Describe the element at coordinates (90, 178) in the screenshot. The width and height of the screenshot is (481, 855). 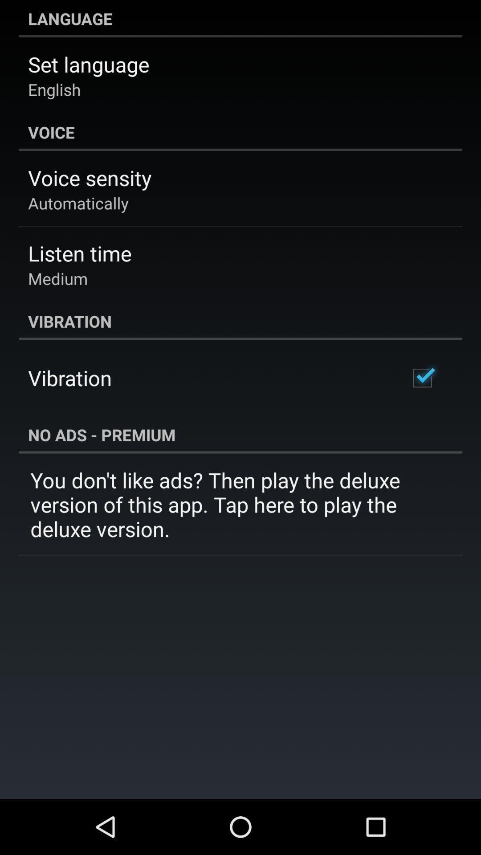
I see `app below the voice` at that location.